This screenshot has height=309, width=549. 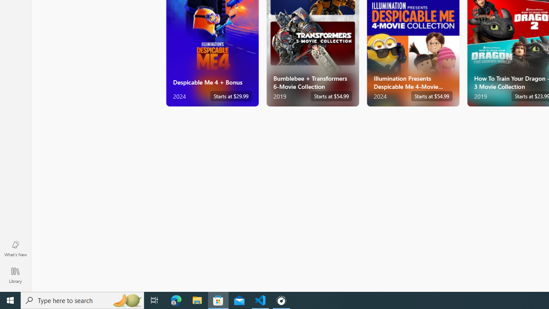 What do you see at coordinates (15, 248) in the screenshot?
I see `'What'` at bounding box center [15, 248].